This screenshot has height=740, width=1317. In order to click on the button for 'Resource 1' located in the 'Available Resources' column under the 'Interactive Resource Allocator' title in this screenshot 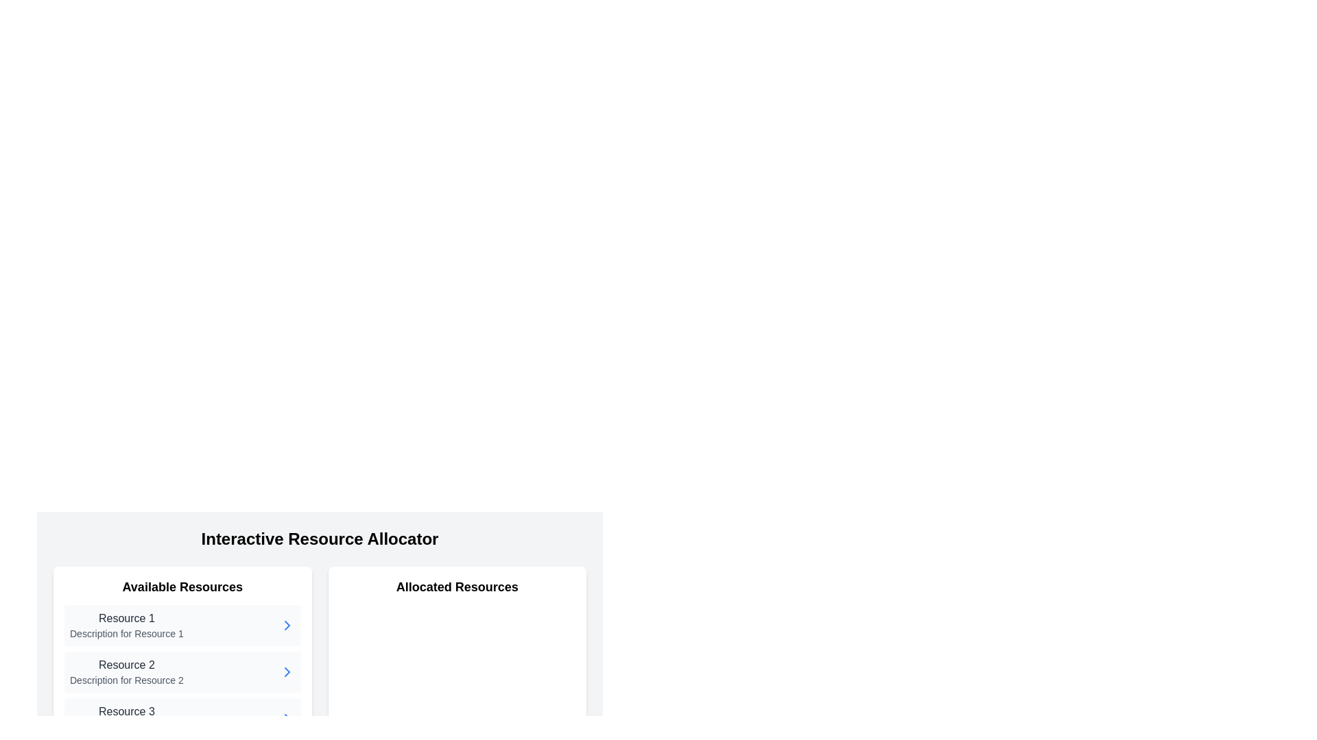, I will do `click(286, 626)`.